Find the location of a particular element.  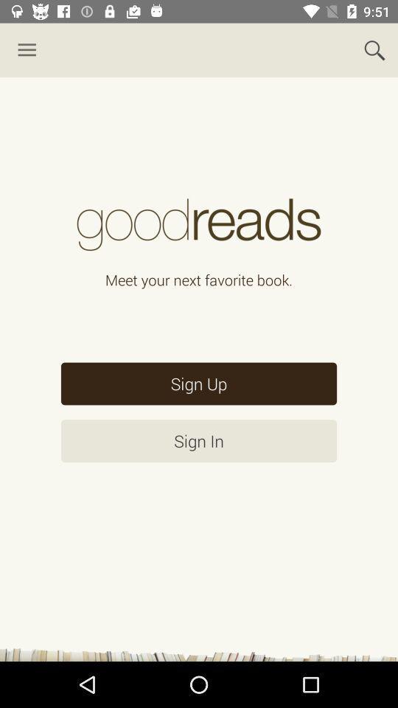

sign in is located at coordinates (199, 441).